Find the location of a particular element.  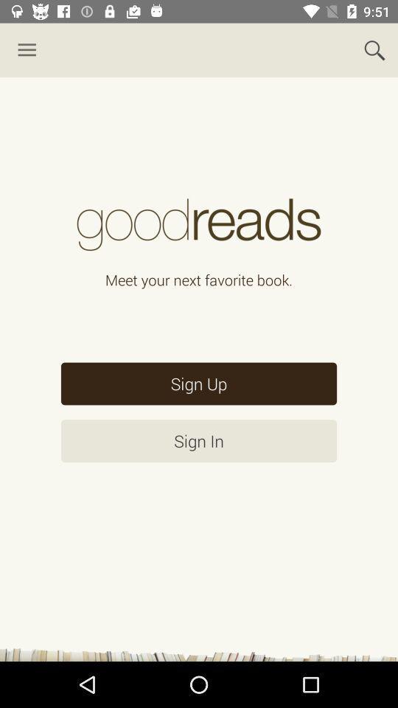

sign in is located at coordinates (199, 441).